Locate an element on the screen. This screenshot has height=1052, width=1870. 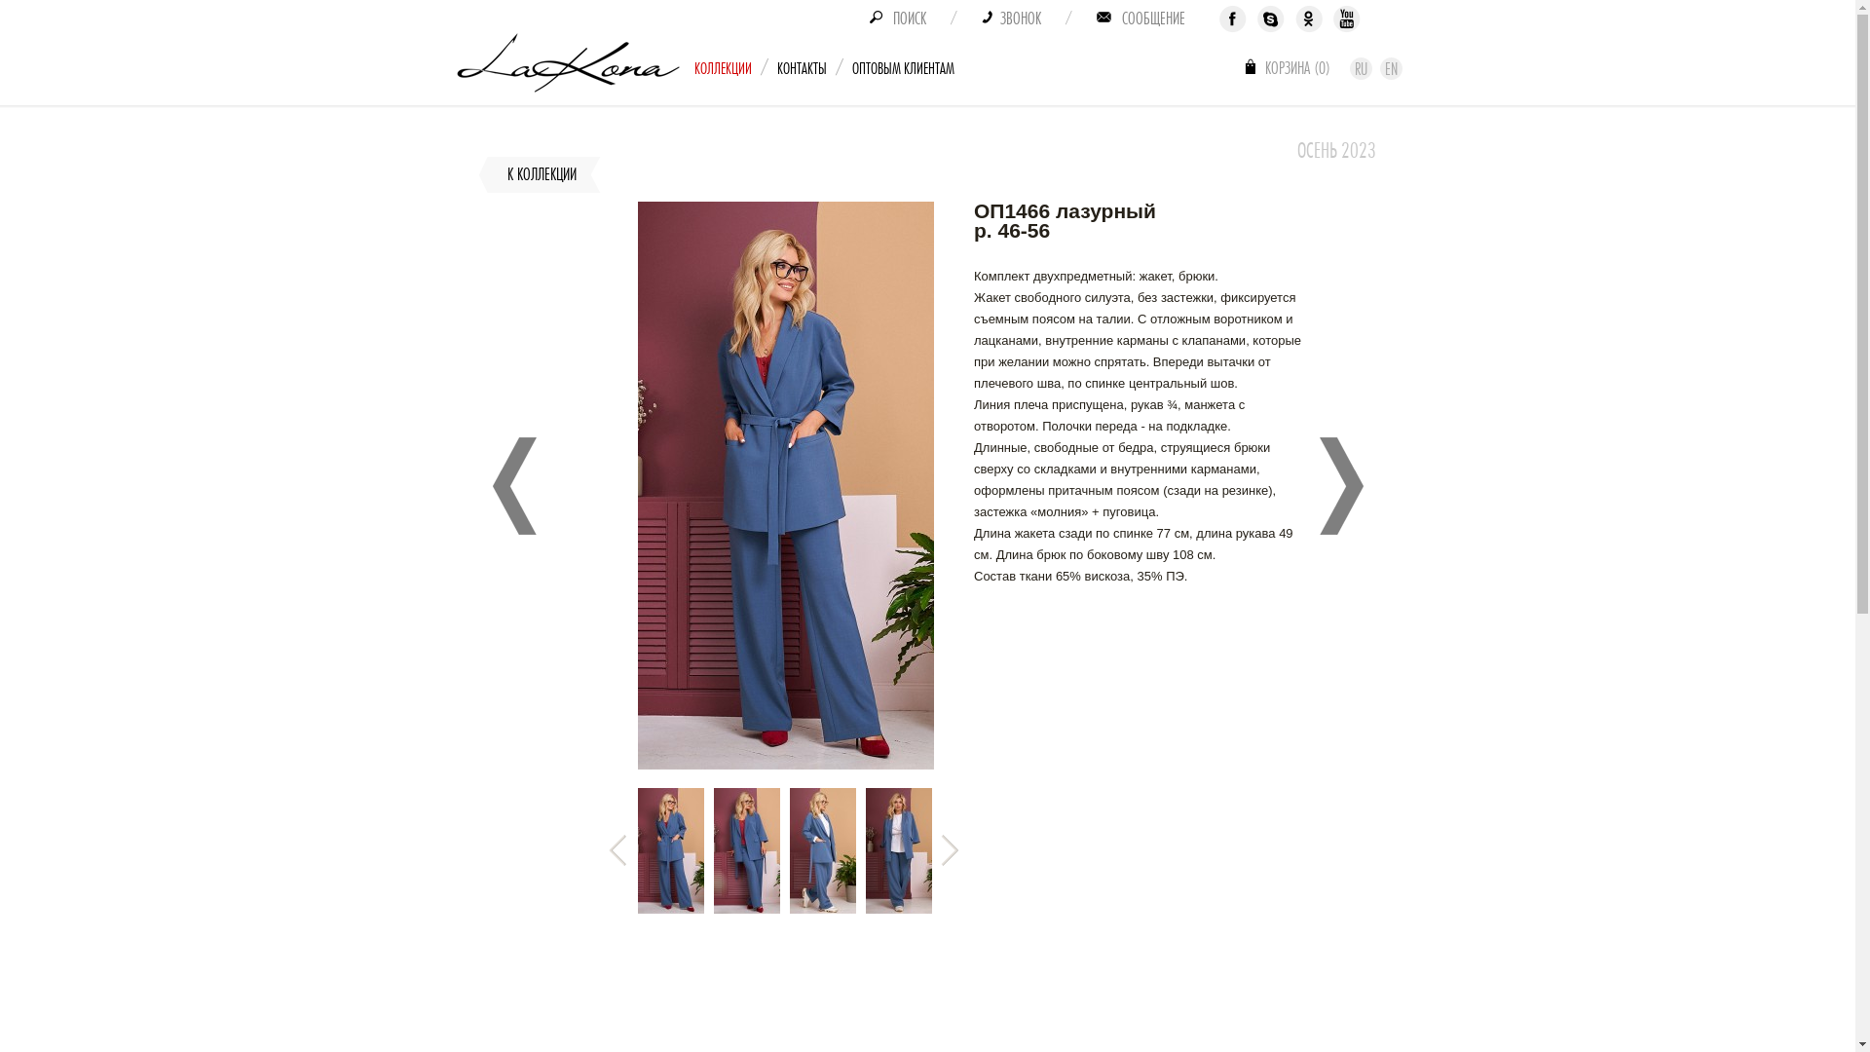
'Click to zoom in.' is located at coordinates (785, 764).